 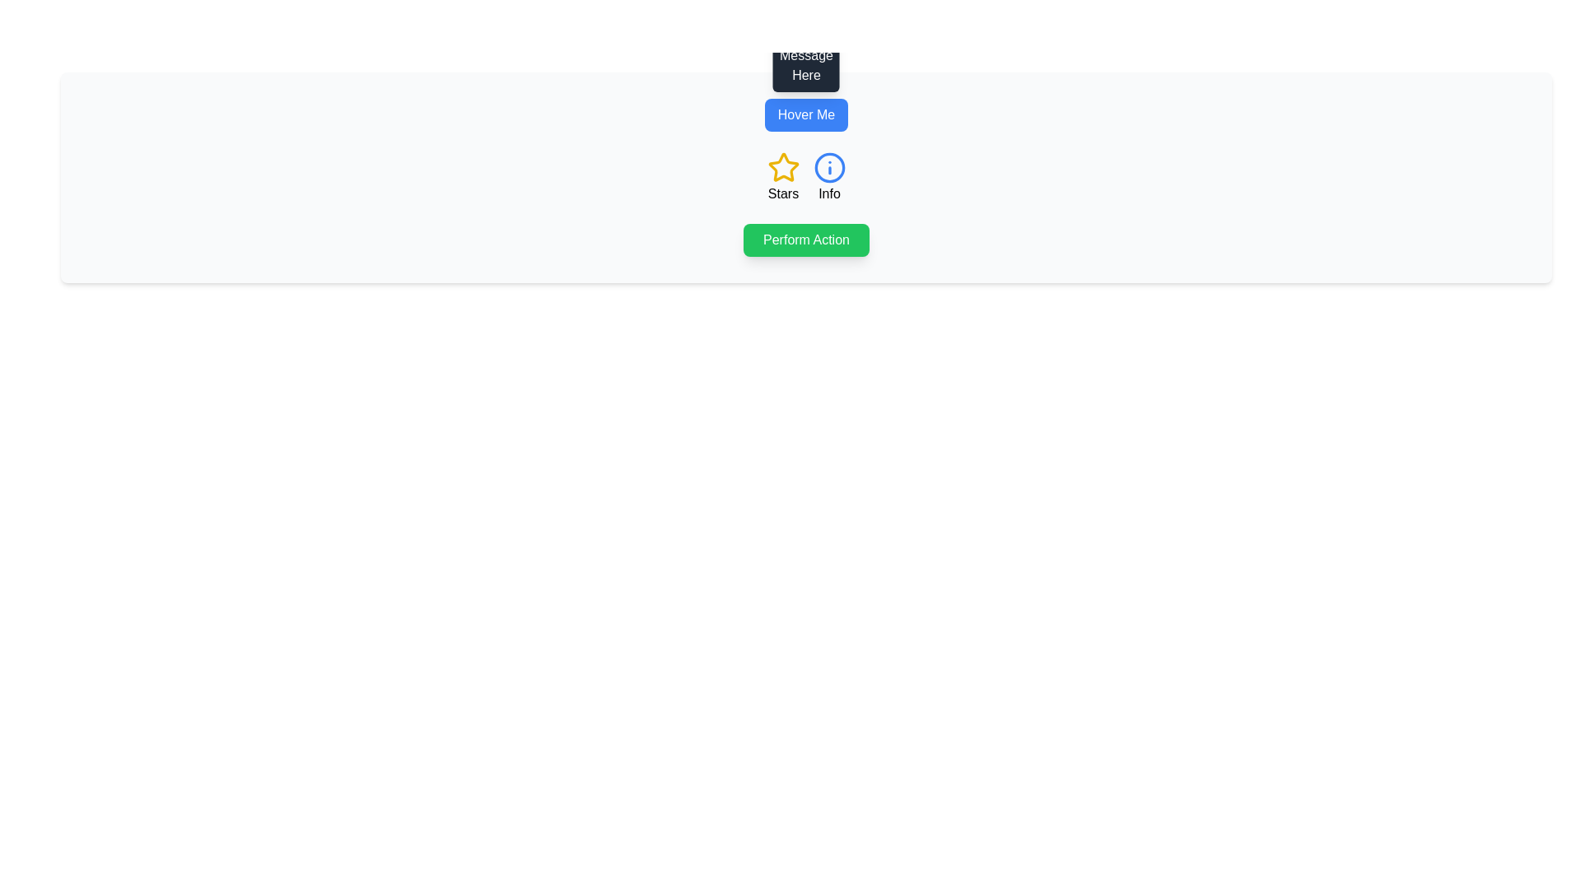 What do you see at coordinates (806, 55) in the screenshot?
I see `contents of the tooltip that displays contextual information when hovering over the 'Hover Me' button, positioned directly above it` at bounding box center [806, 55].